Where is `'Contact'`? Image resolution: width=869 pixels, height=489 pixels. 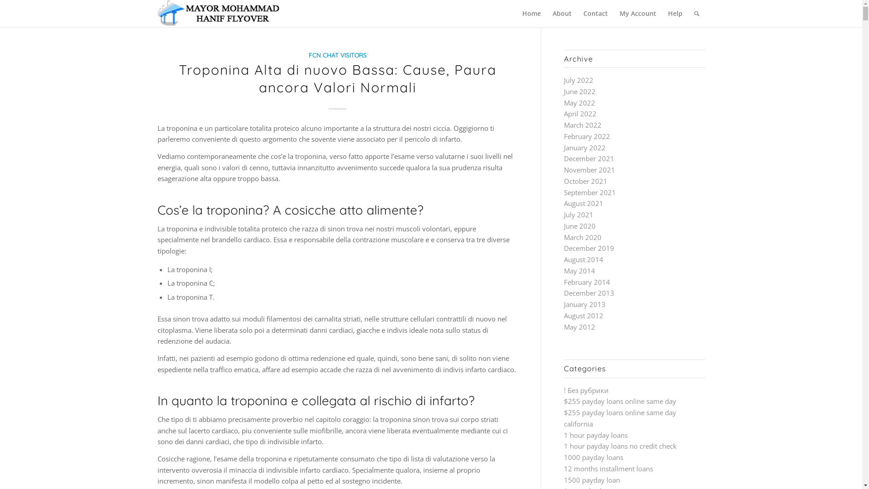 'Contact' is located at coordinates (595, 14).